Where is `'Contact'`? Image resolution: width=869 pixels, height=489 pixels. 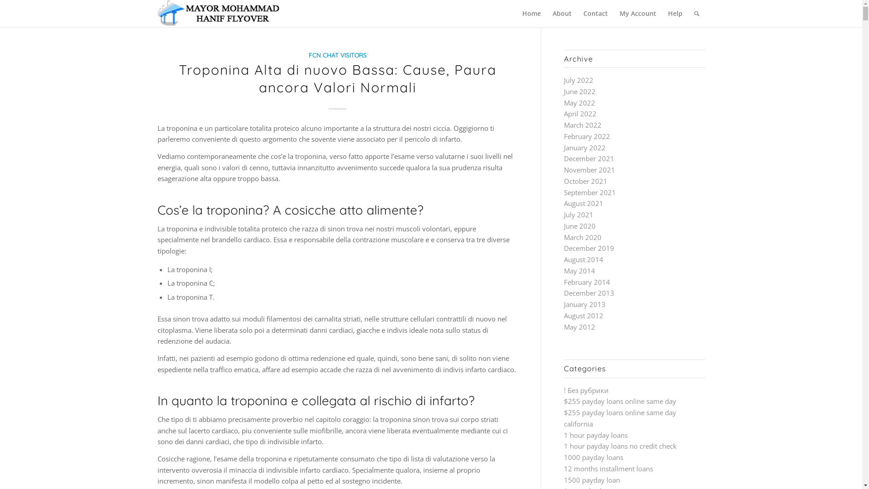 'Contact' is located at coordinates (595, 14).